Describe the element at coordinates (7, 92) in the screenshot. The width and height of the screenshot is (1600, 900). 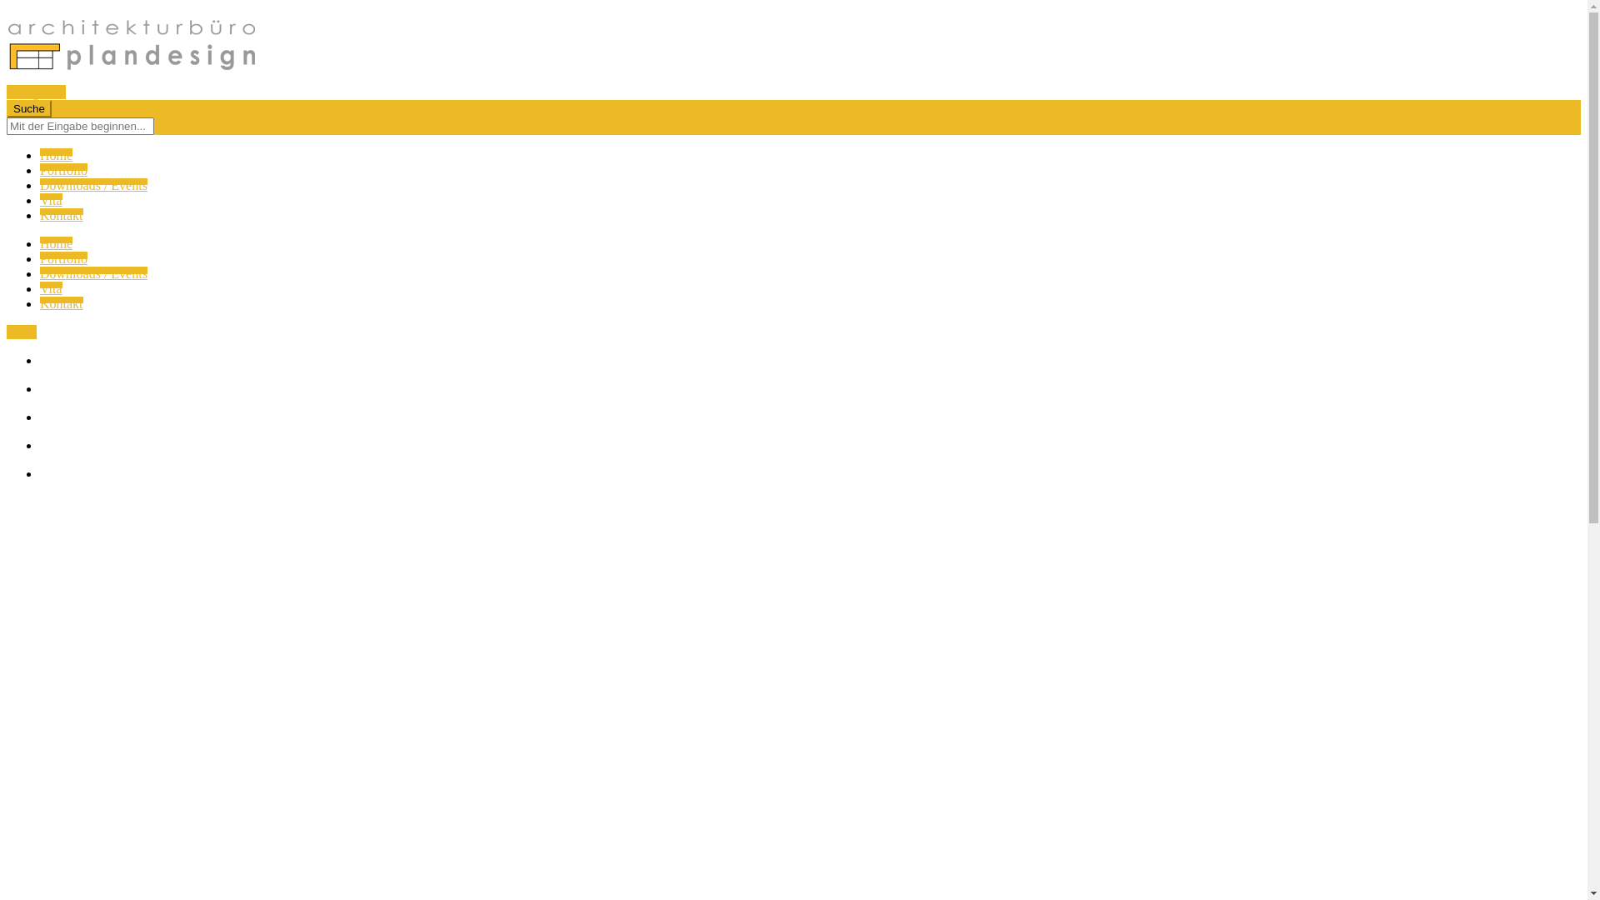
I see `'Navigation'` at that location.